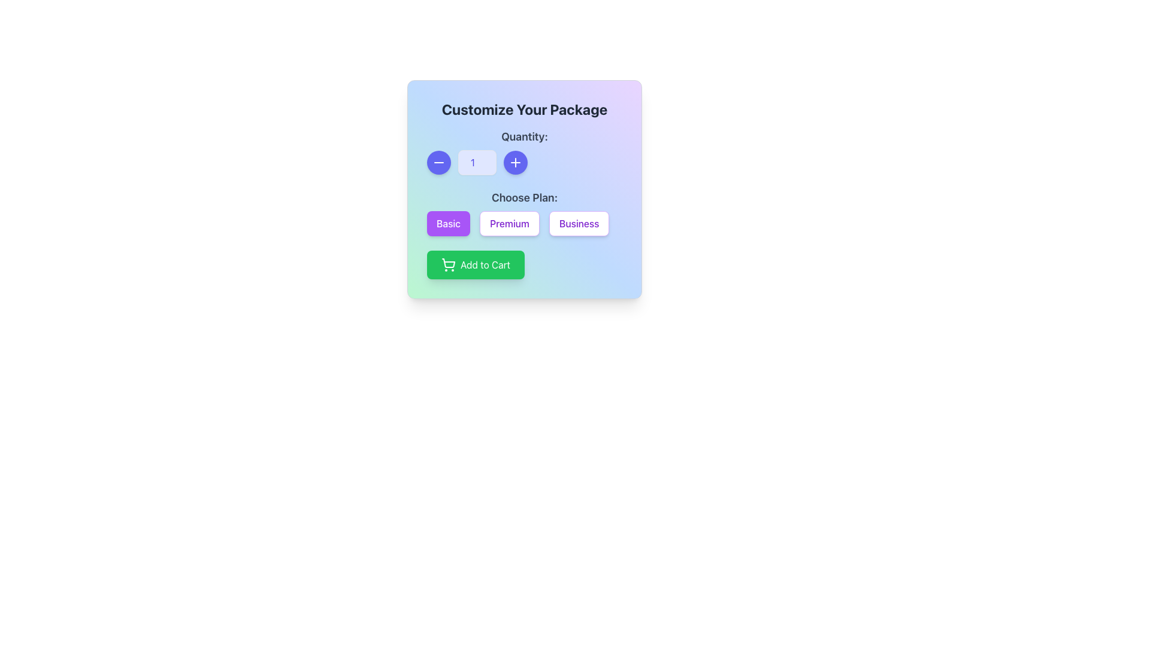  Describe the element at coordinates (579, 224) in the screenshot. I see `the 'Business' plan button, which is the third button in a horizontal group labeled 'Basic', 'Premium', and 'Business'` at that location.